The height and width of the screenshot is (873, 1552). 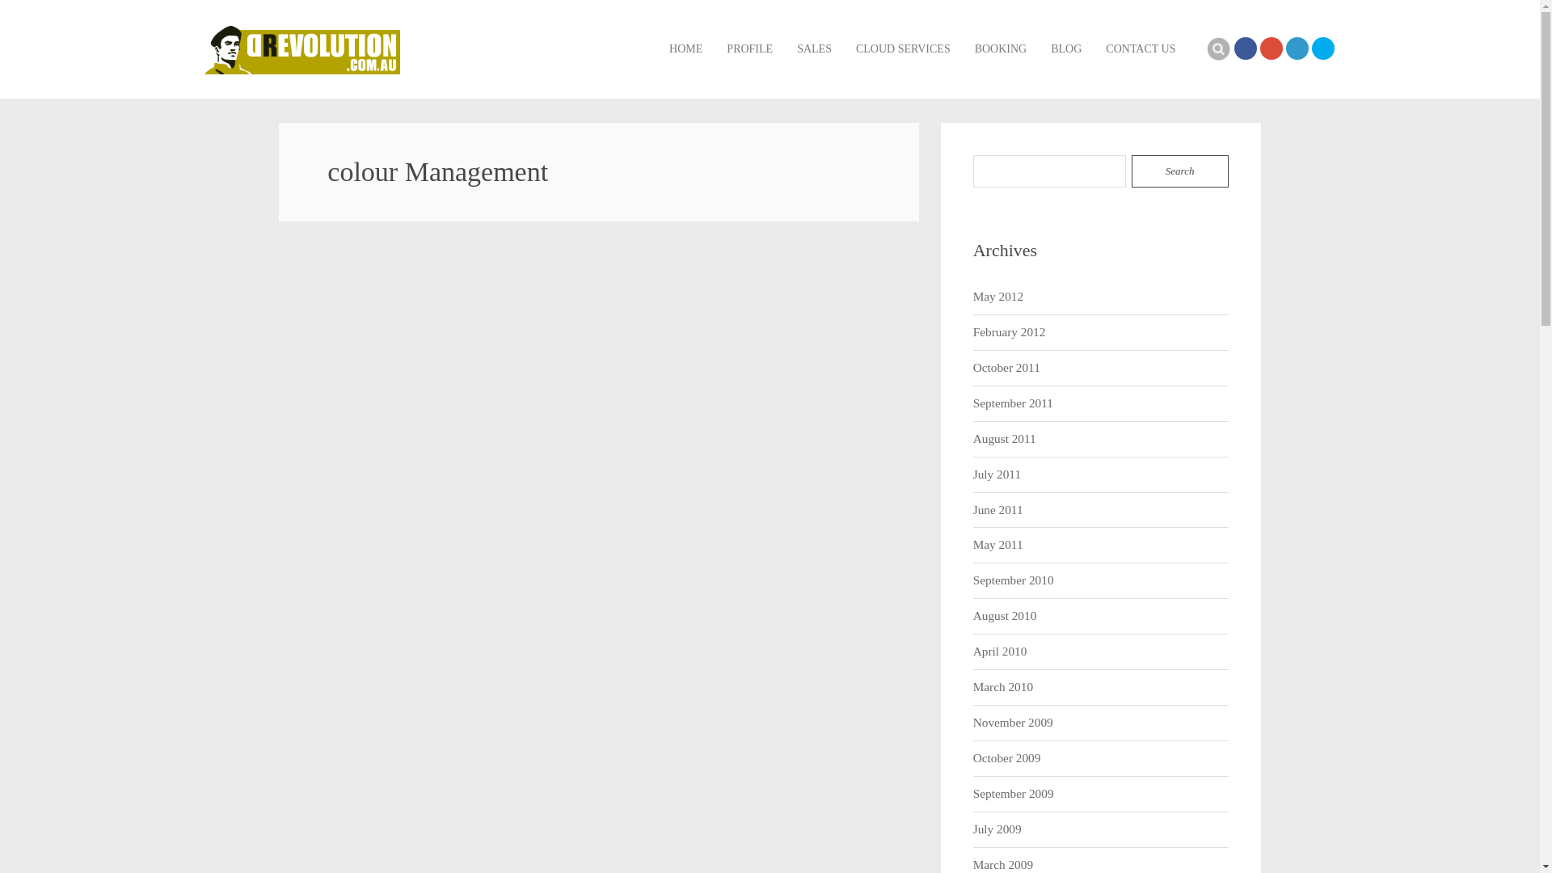 What do you see at coordinates (1296, 48) in the screenshot?
I see `'Linkedin'` at bounding box center [1296, 48].